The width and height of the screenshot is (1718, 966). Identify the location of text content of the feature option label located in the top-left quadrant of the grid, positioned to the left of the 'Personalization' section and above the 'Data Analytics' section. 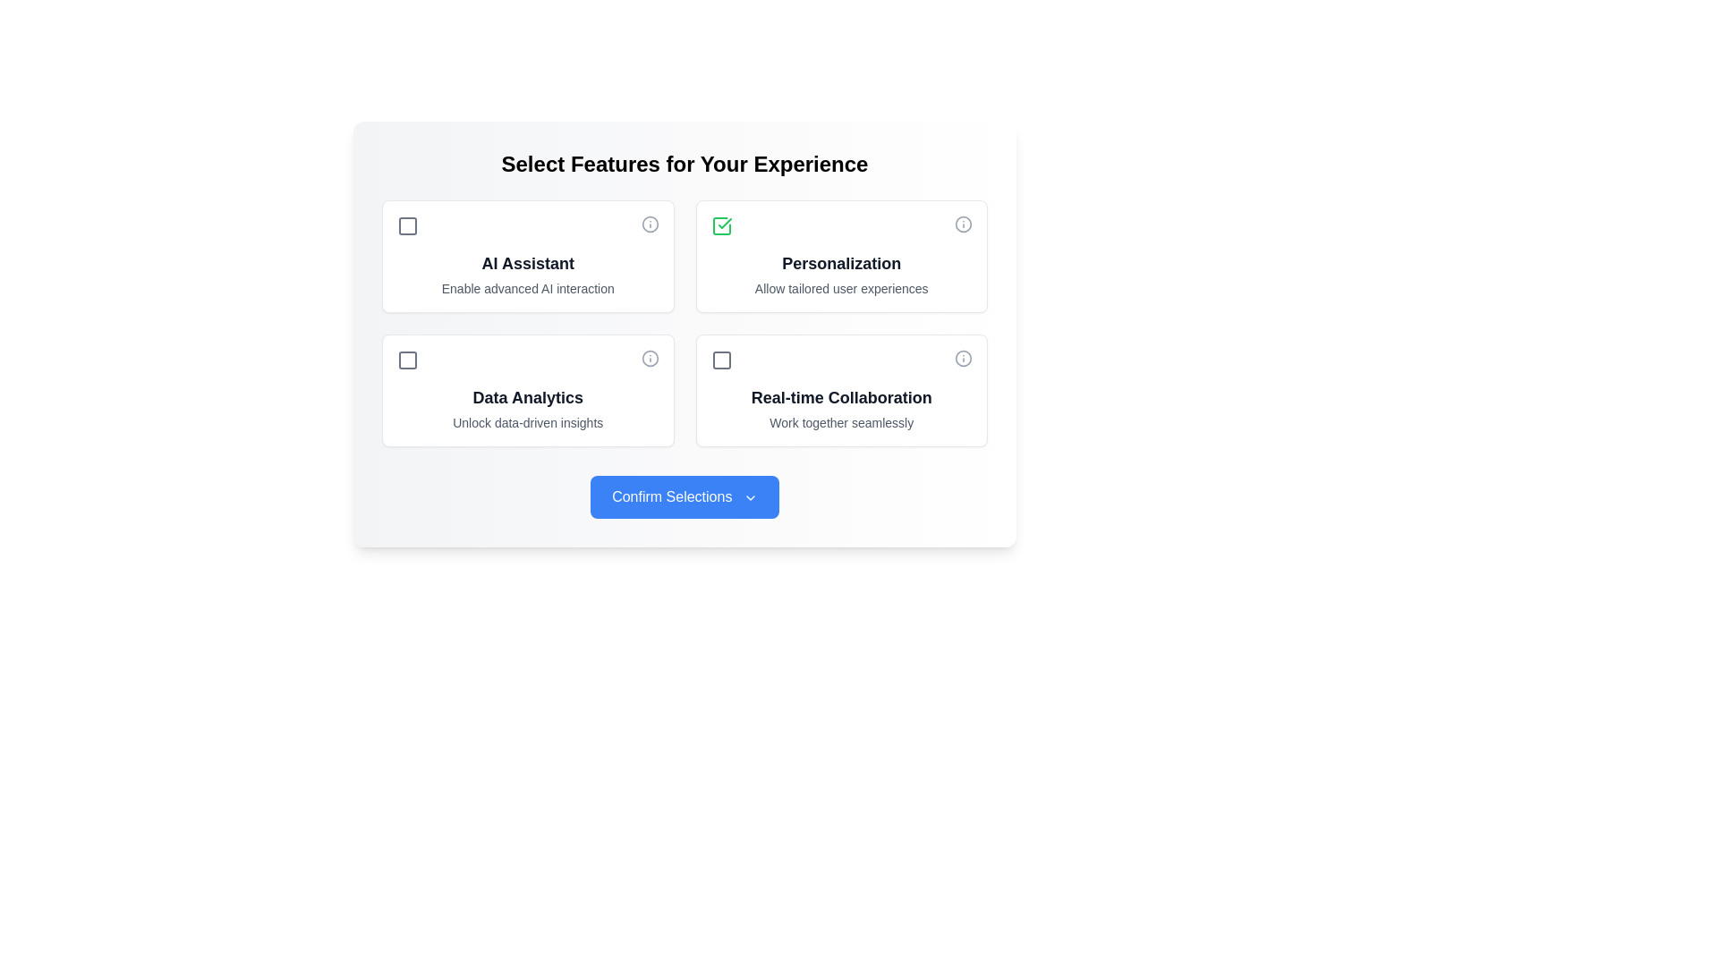
(527, 275).